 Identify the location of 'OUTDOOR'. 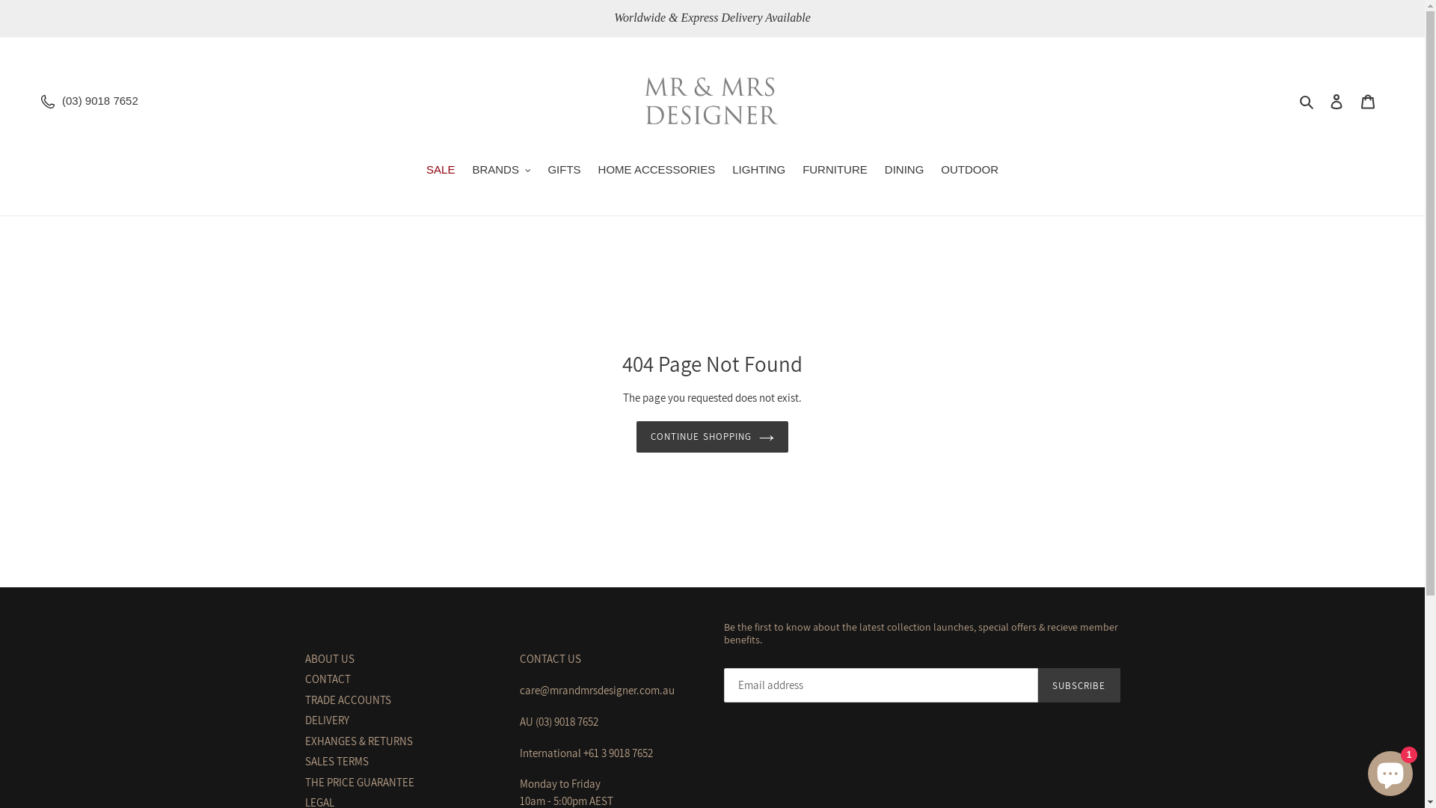
(969, 170).